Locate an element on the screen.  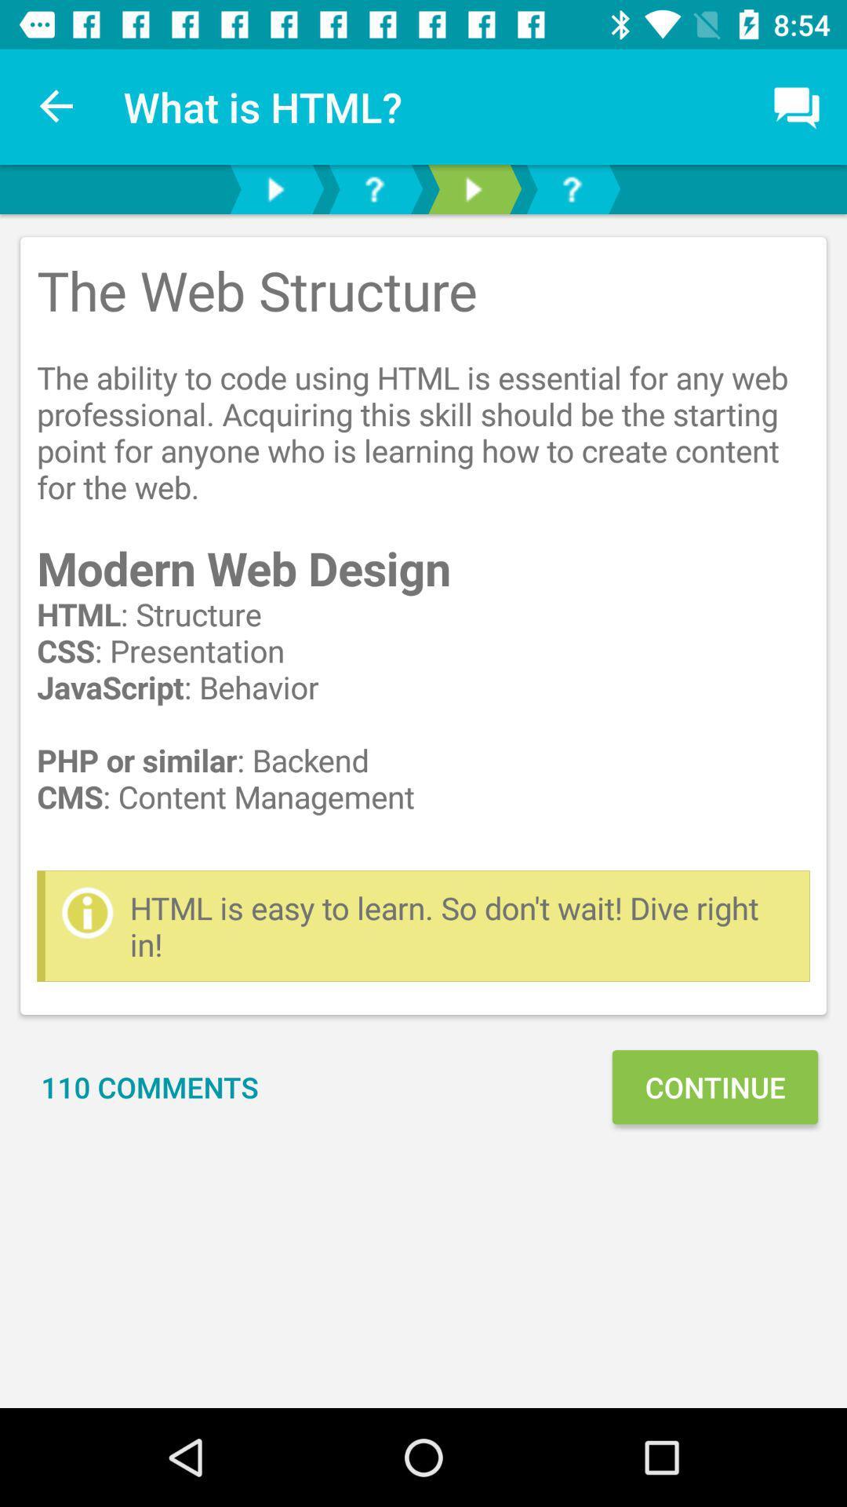
icon above the web structure icon is located at coordinates (56, 106).